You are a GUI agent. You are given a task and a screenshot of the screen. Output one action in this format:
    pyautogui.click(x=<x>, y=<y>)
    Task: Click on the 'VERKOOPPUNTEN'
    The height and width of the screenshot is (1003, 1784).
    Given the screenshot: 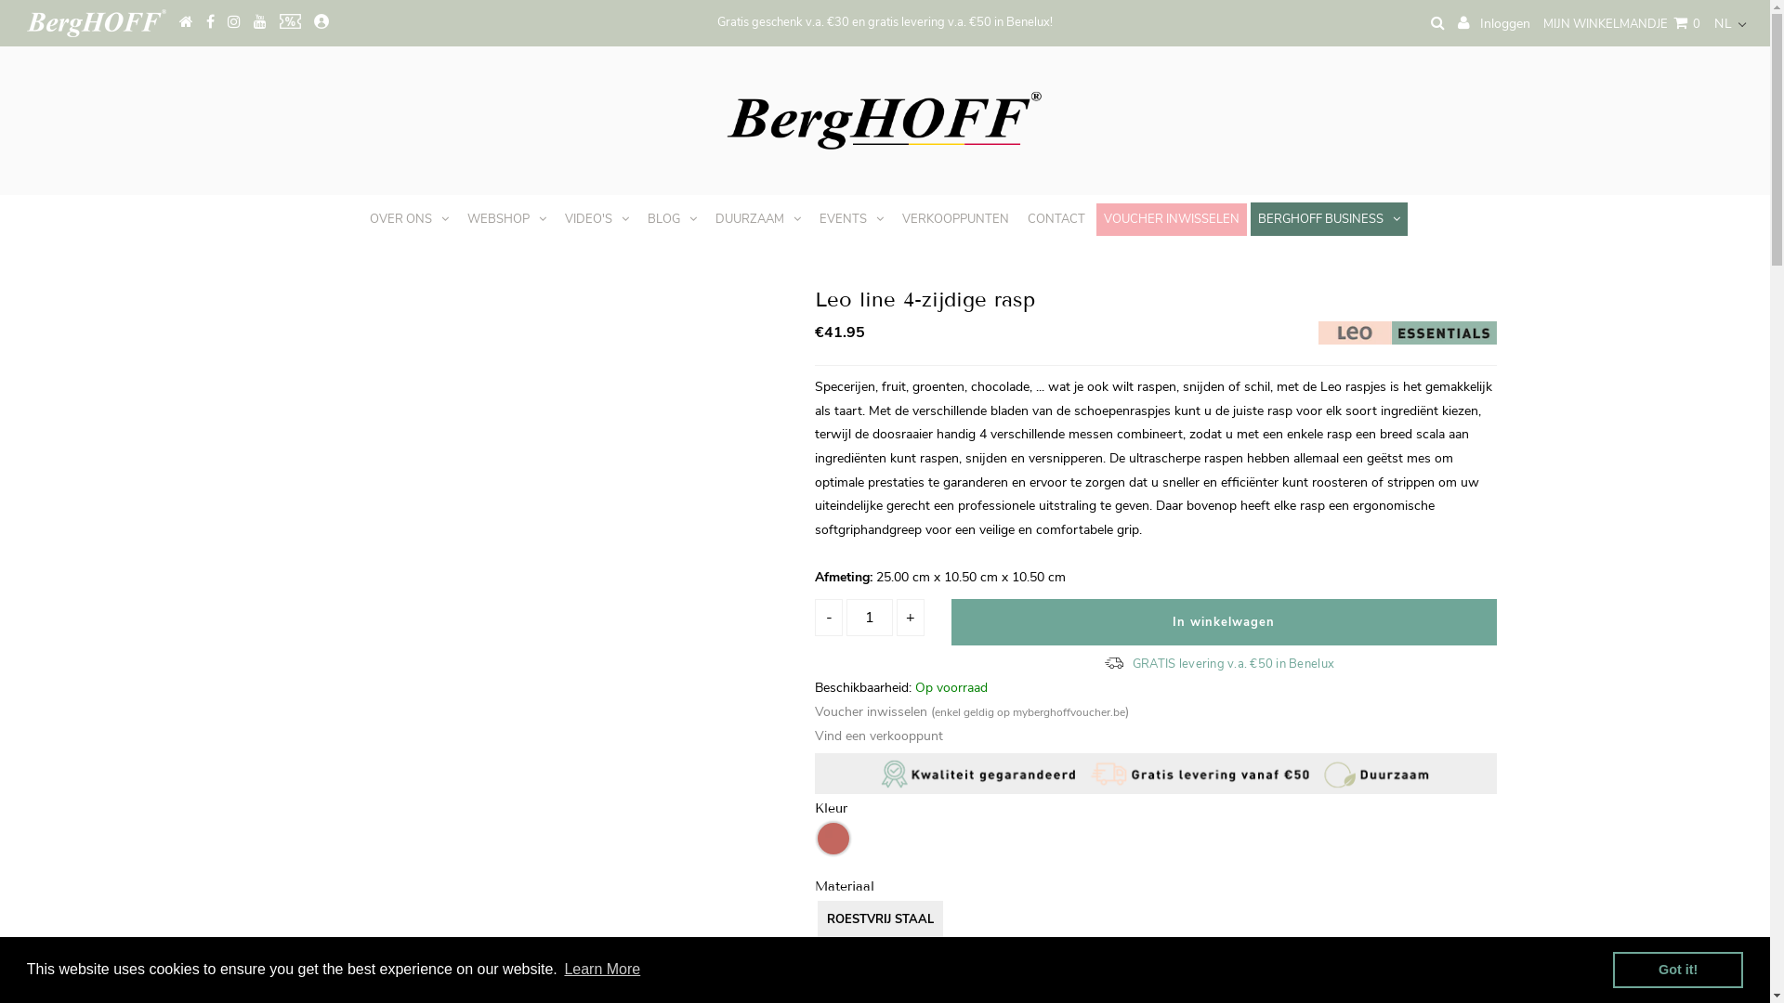 What is the action you would take?
    pyautogui.click(x=895, y=217)
    